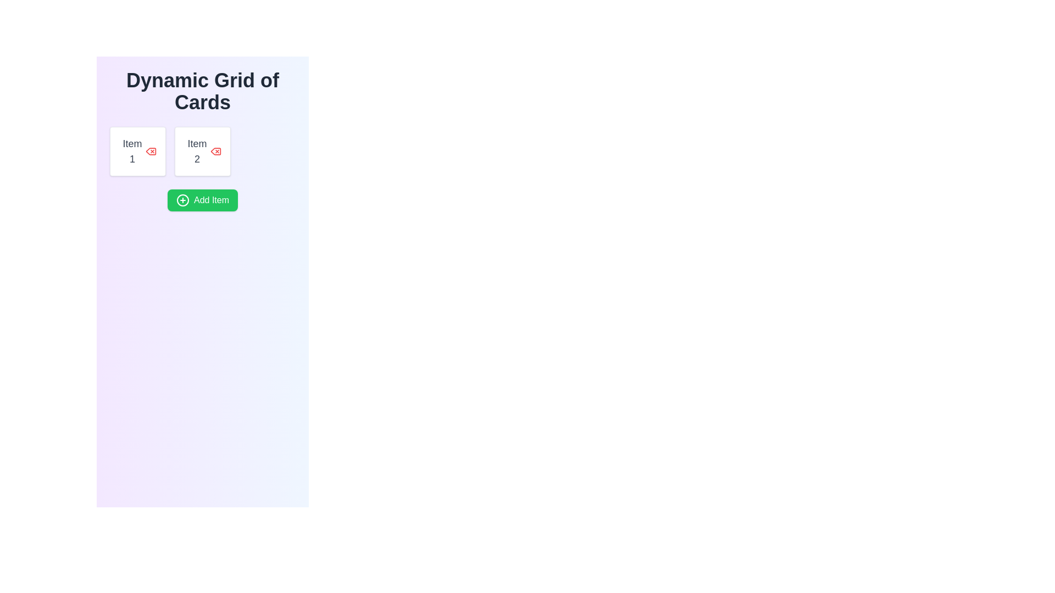 The image size is (1055, 593). I want to click on the green circle icon with a plus sign inside it, which is located to the left of the text 'Add Item' in the button below the grid of items, so click(182, 200).